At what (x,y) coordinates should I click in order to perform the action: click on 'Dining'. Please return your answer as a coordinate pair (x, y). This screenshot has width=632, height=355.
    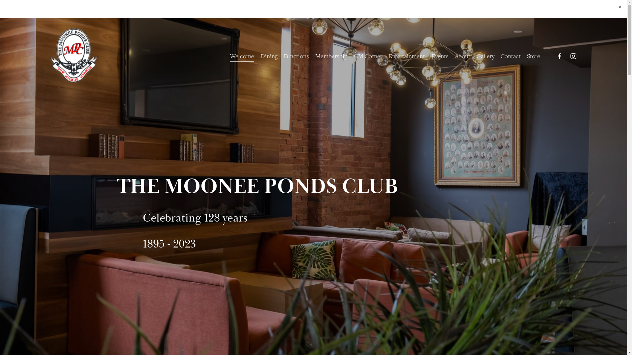
    Looking at the image, I should click on (269, 56).